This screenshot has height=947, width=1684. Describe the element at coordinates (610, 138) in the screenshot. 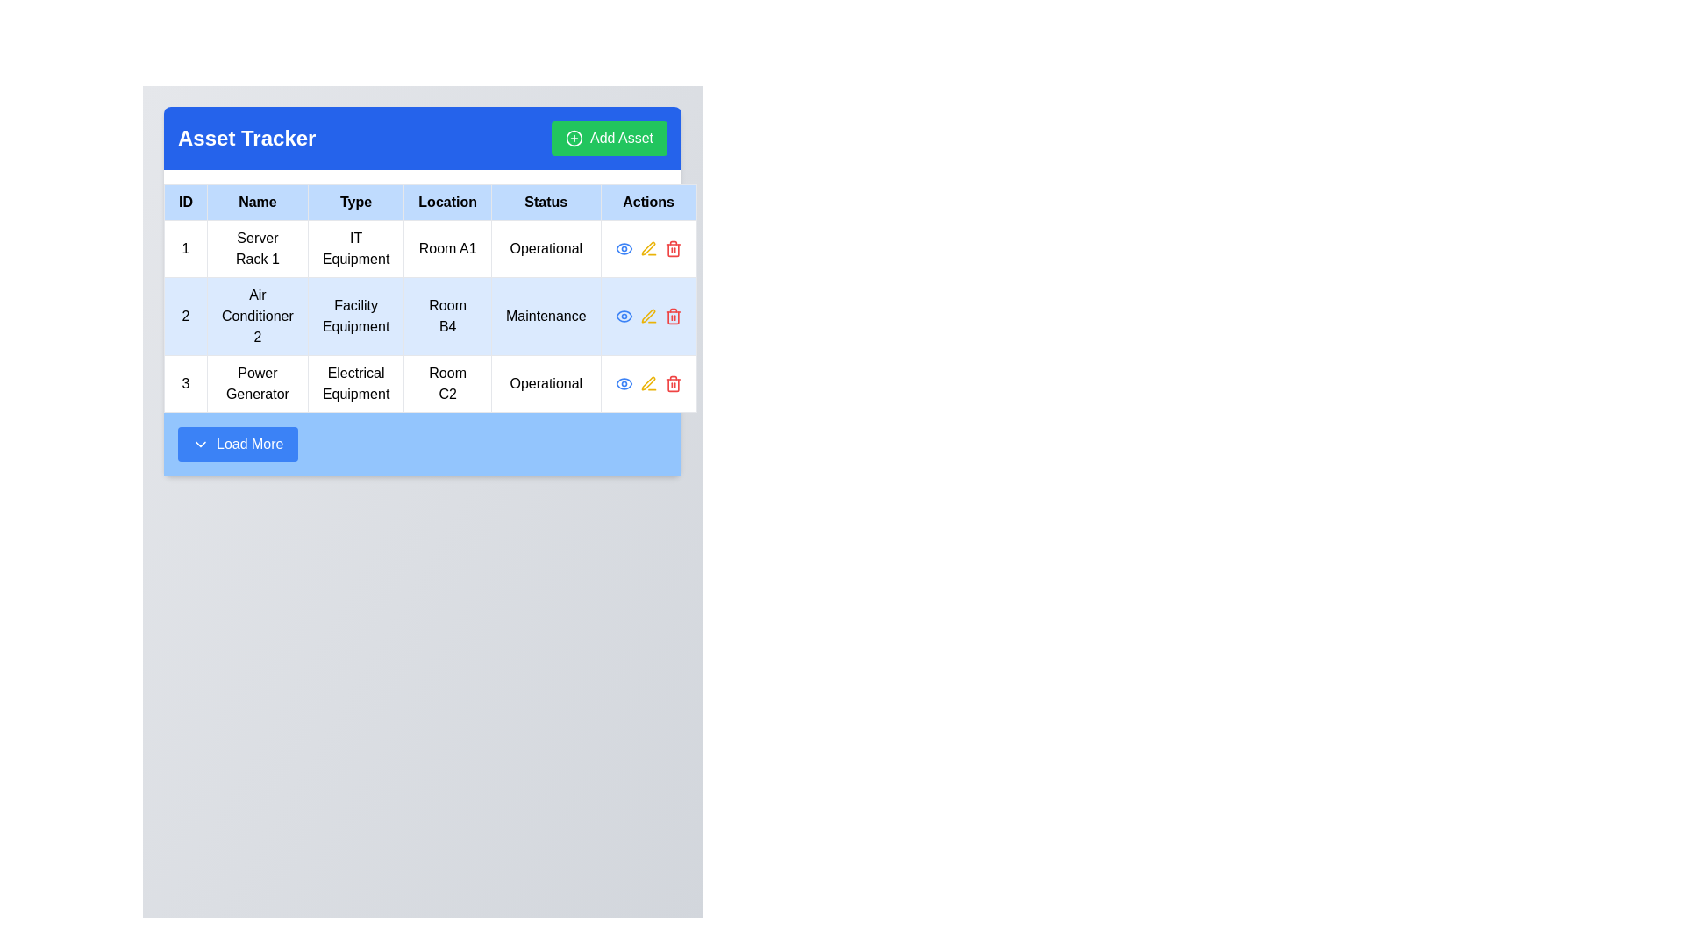

I see `the 'Add Asset' button located in the top-right corner of the blue header area labeled 'Asset Tracker'` at that location.